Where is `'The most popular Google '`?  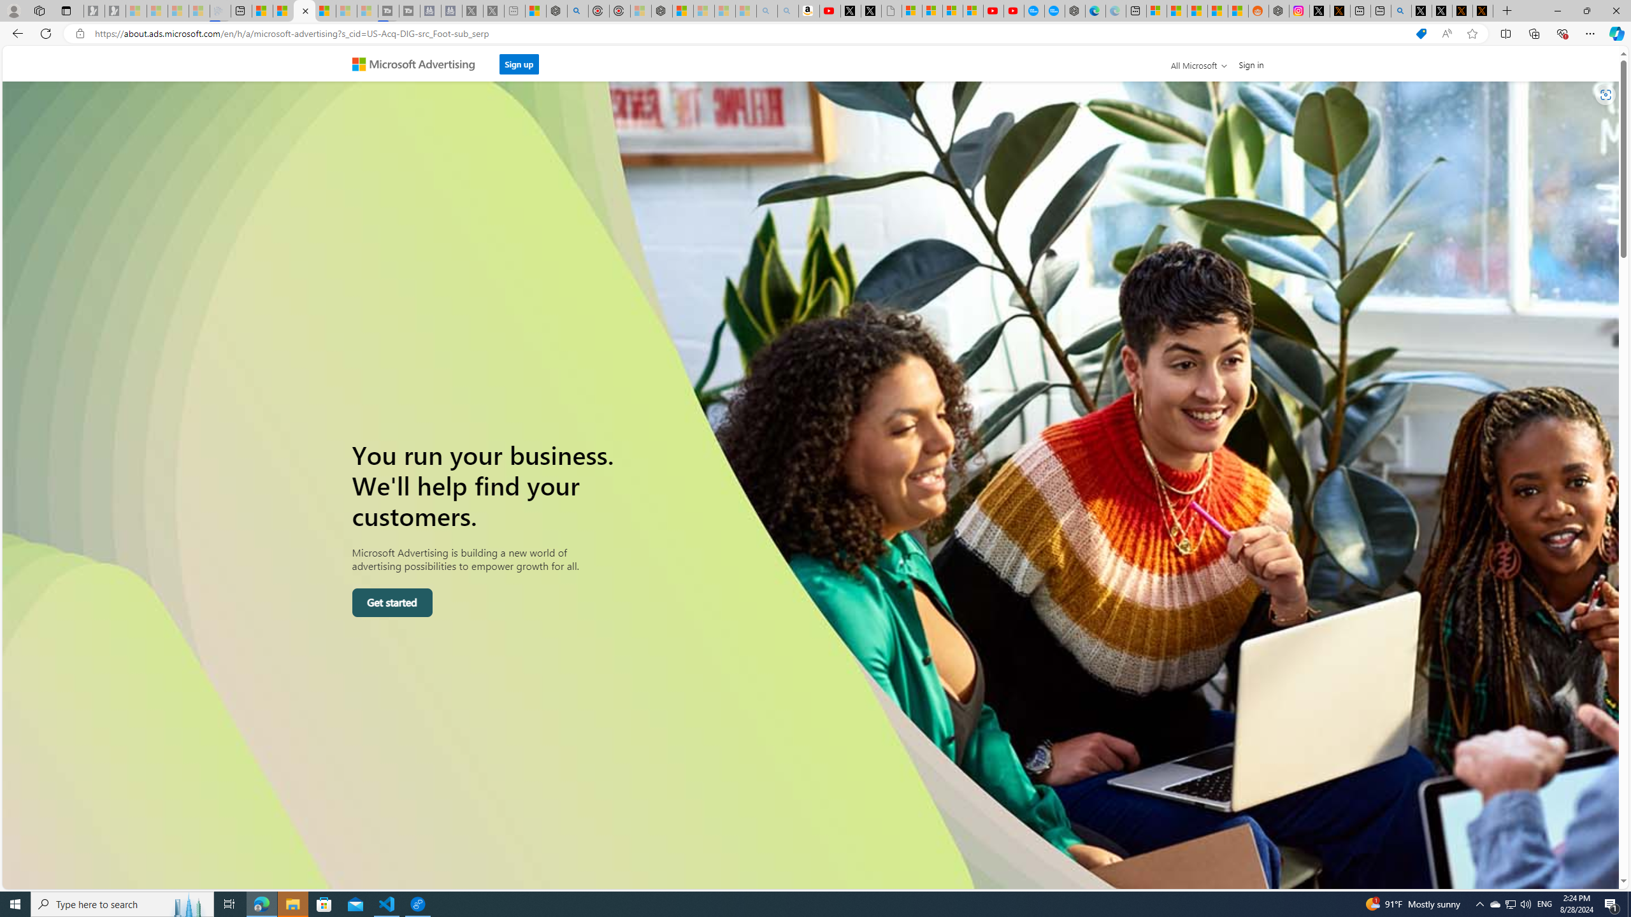 'The most popular Google ' is located at coordinates (1054, 10).